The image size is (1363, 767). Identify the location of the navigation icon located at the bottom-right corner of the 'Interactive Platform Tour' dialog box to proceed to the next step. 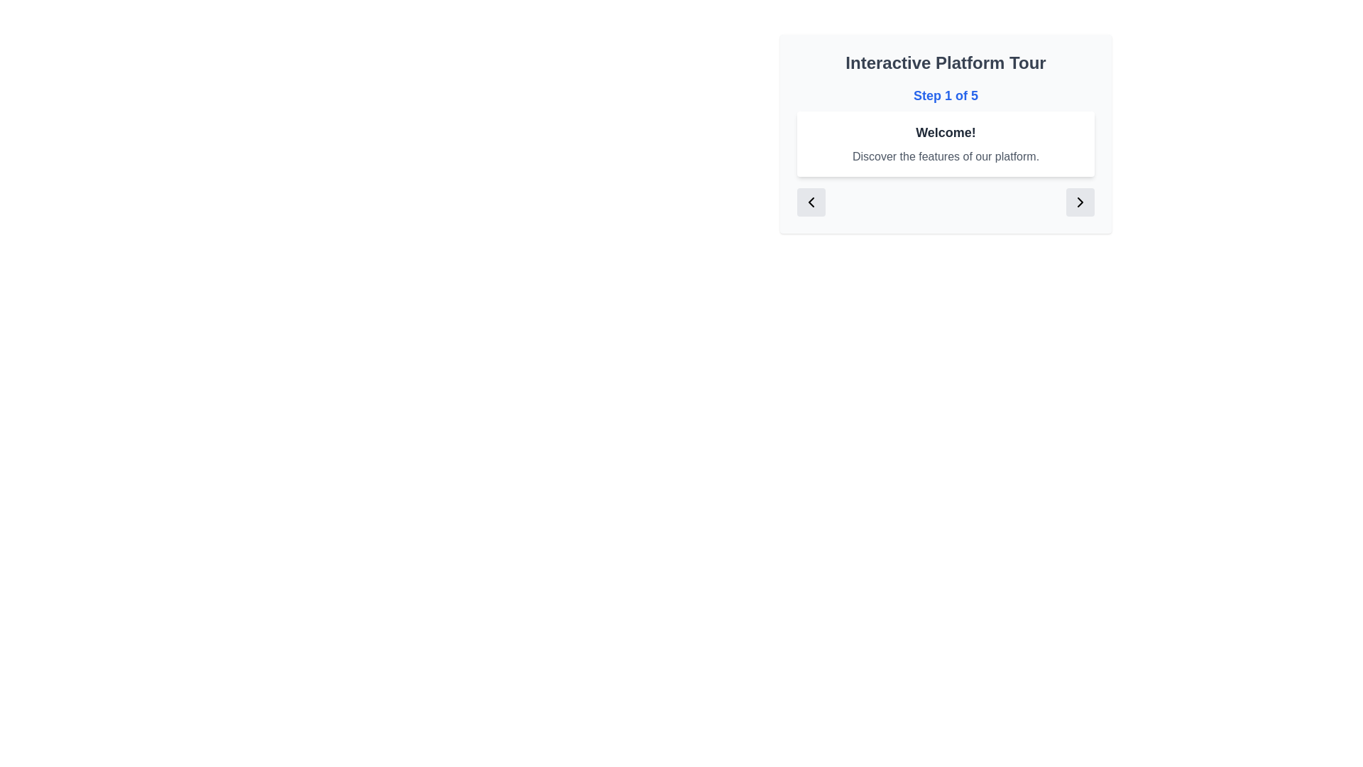
(1079, 202).